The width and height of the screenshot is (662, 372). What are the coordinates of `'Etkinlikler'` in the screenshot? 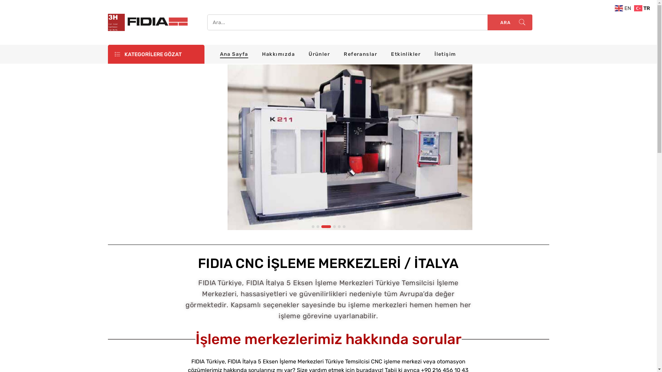 It's located at (405, 54).